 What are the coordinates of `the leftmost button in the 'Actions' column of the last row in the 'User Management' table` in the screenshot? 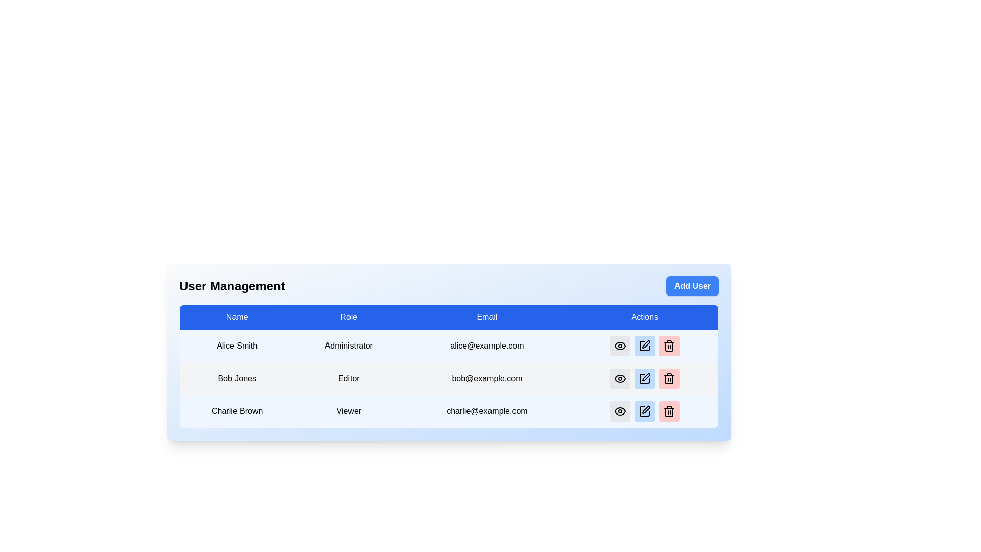 It's located at (619, 411).